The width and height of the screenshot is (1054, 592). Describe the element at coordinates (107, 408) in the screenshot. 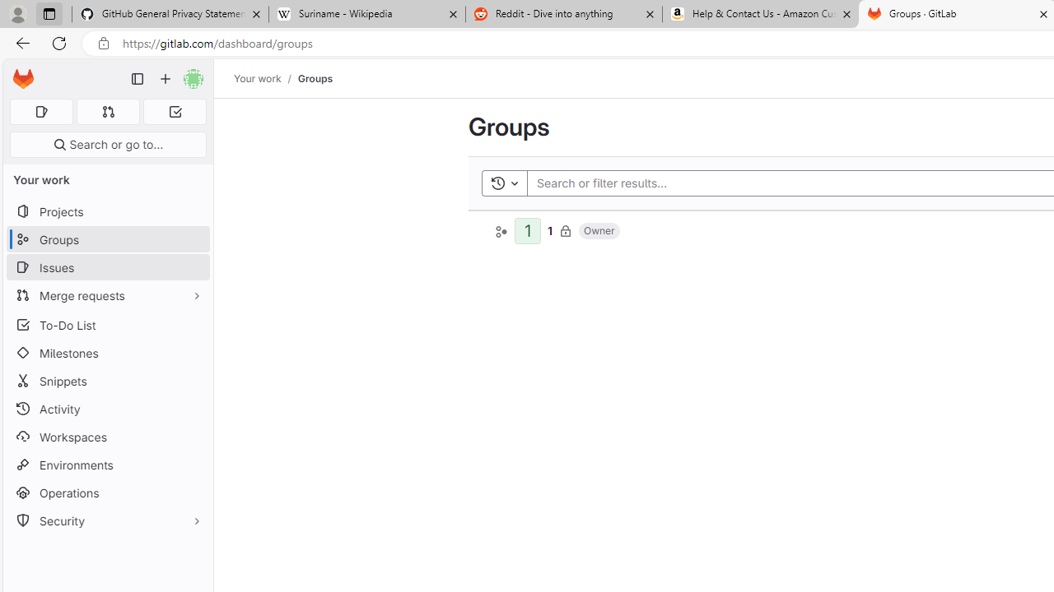

I see `'Activity'` at that location.